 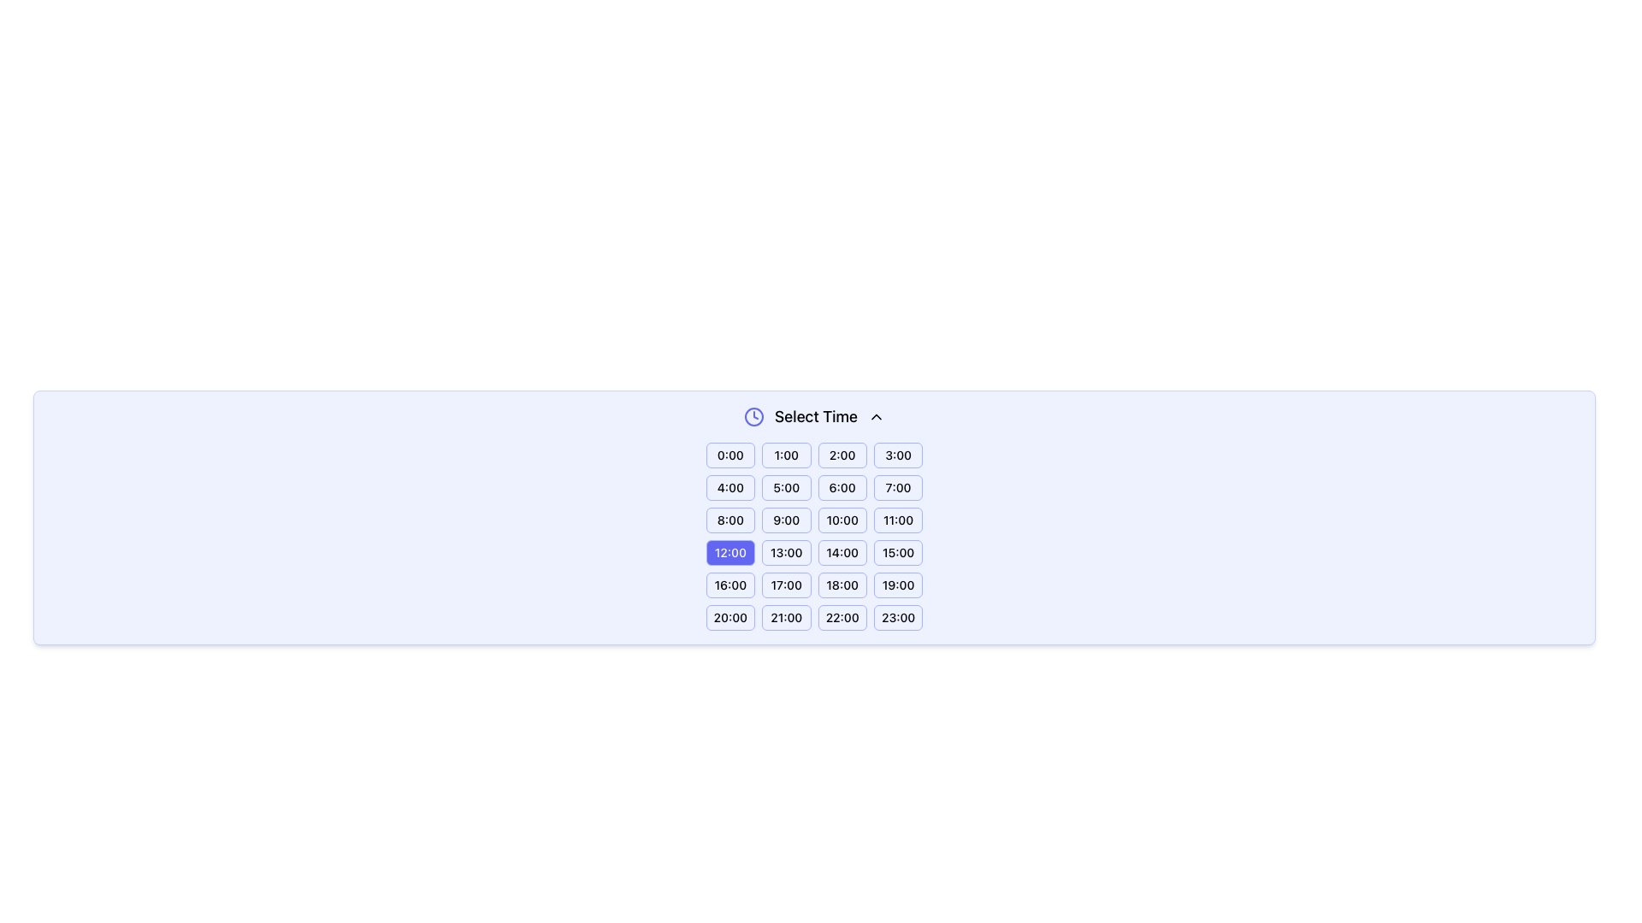 What do you see at coordinates (842, 454) in the screenshot?
I see `the rectangular button with rounded corners, light blue background, indigo border, and black text reading '2:00'` at bounding box center [842, 454].